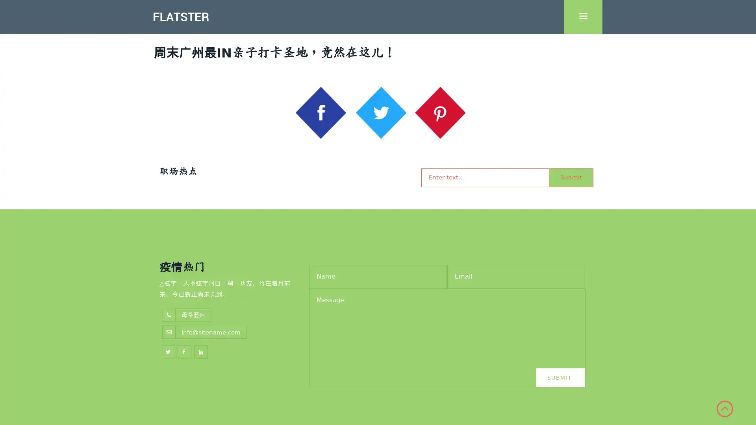  I want to click on Submit, so click(567, 177).